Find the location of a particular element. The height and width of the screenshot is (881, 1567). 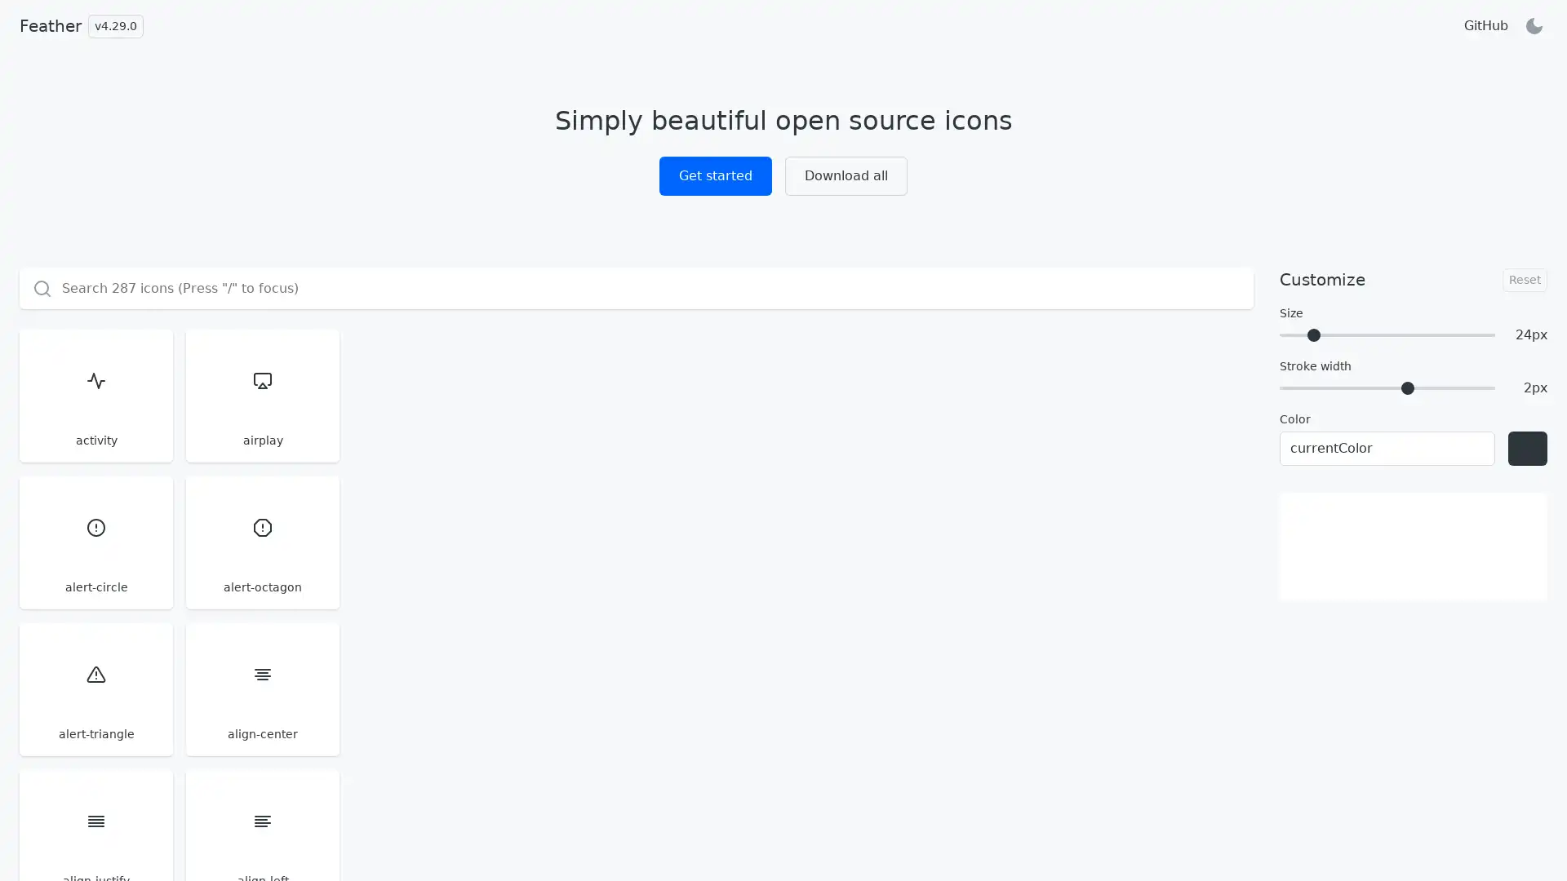

align-center is located at coordinates (774, 396).